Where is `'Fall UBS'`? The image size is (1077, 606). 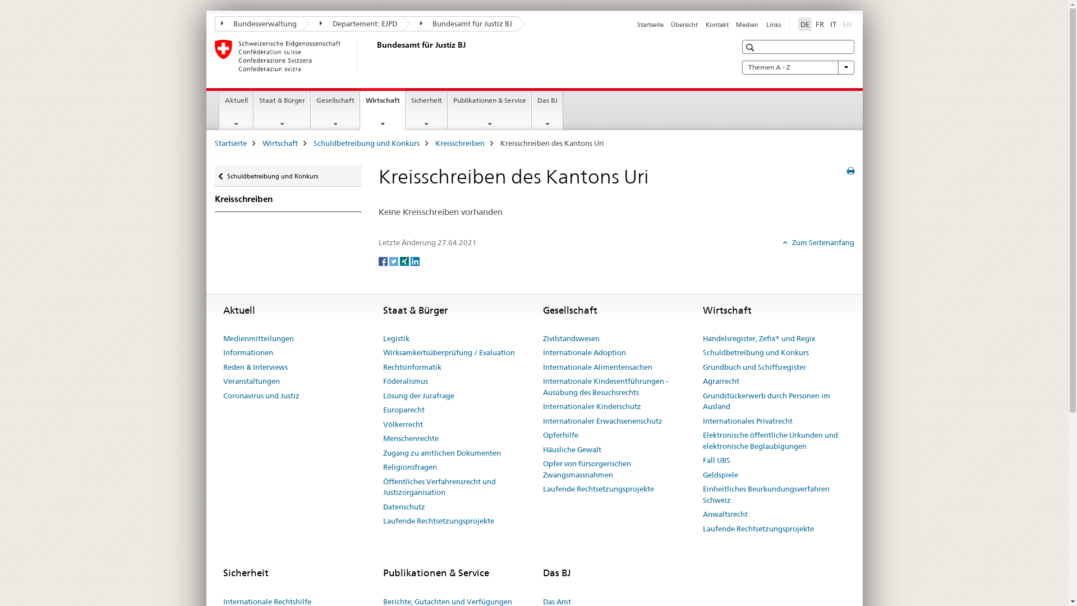
'Fall UBS' is located at coordinates (715, 461).